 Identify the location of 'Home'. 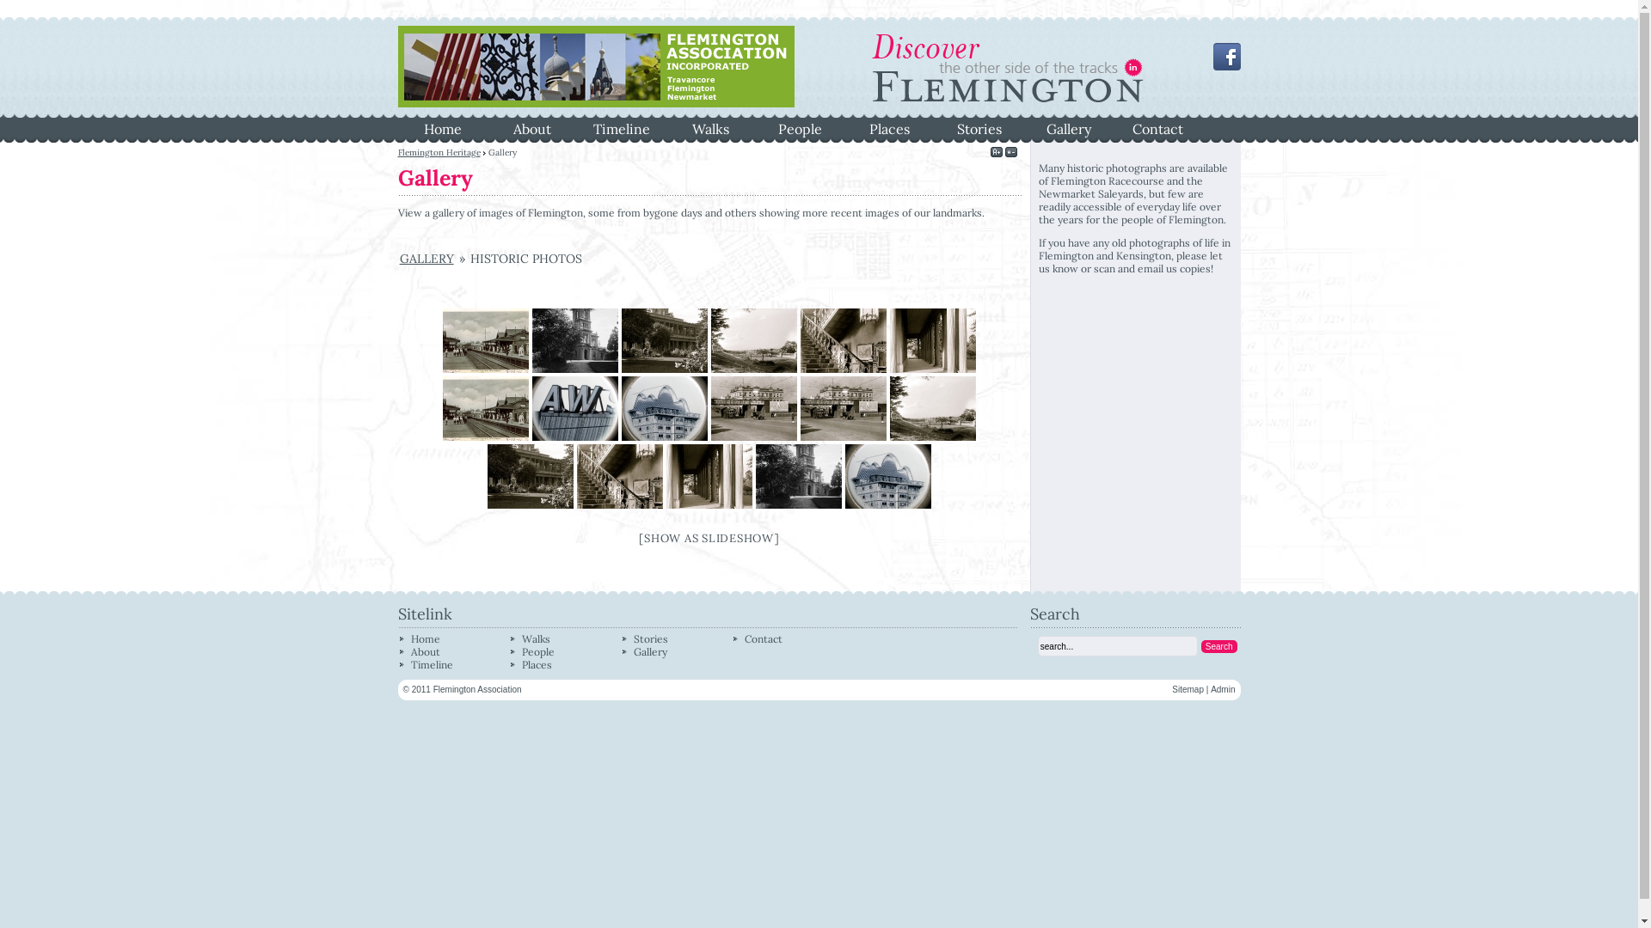
(425, 638).